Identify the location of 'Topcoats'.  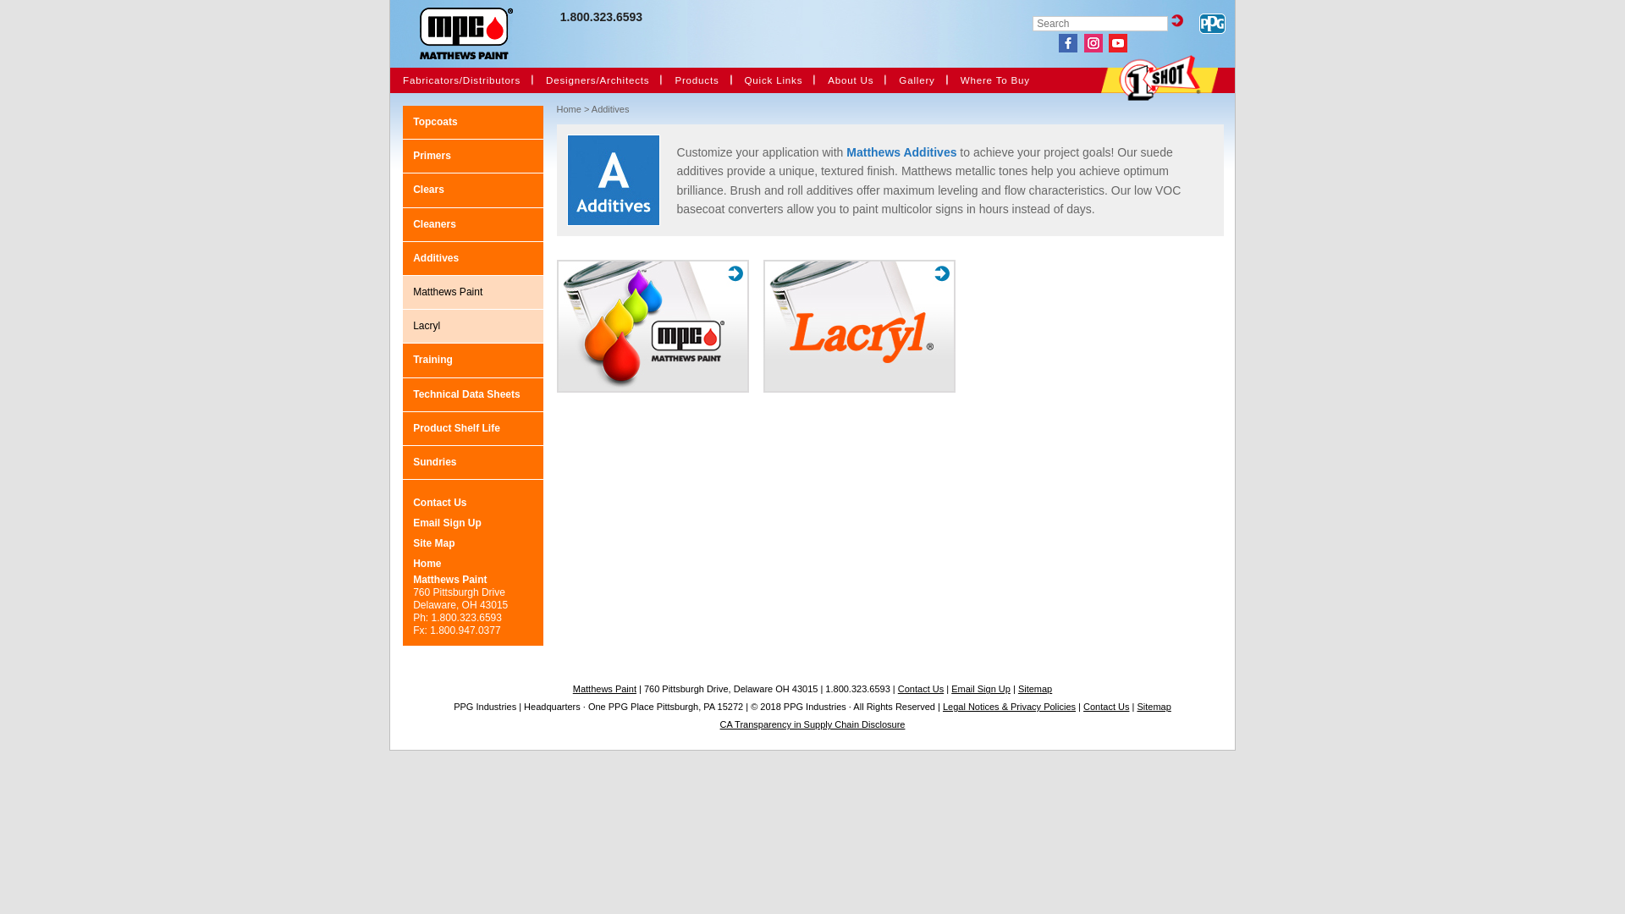
(434, 120).